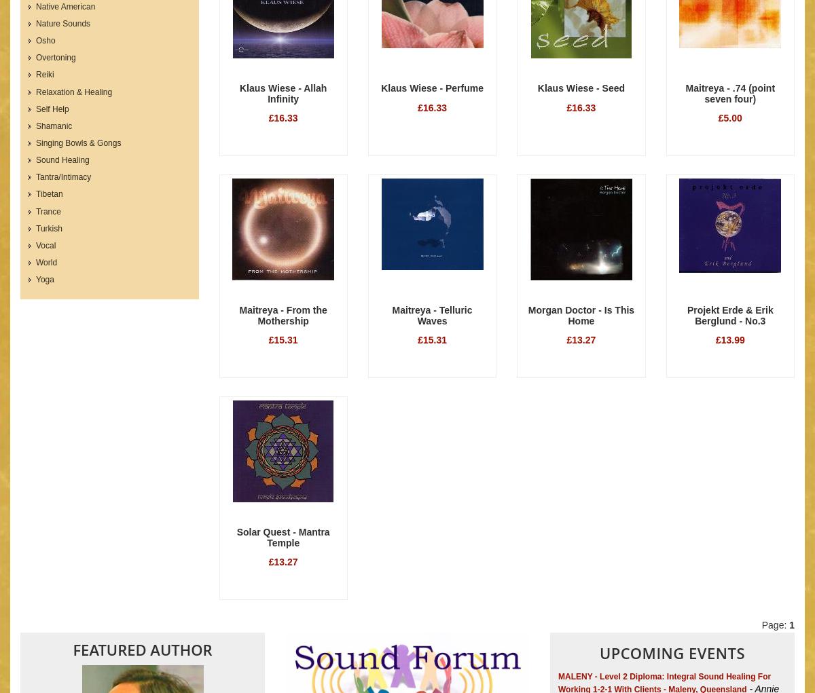 This screenshot has height=693, width=815. I want to click on 'Solar Quest - Mantra Temple', so click(236, 536).